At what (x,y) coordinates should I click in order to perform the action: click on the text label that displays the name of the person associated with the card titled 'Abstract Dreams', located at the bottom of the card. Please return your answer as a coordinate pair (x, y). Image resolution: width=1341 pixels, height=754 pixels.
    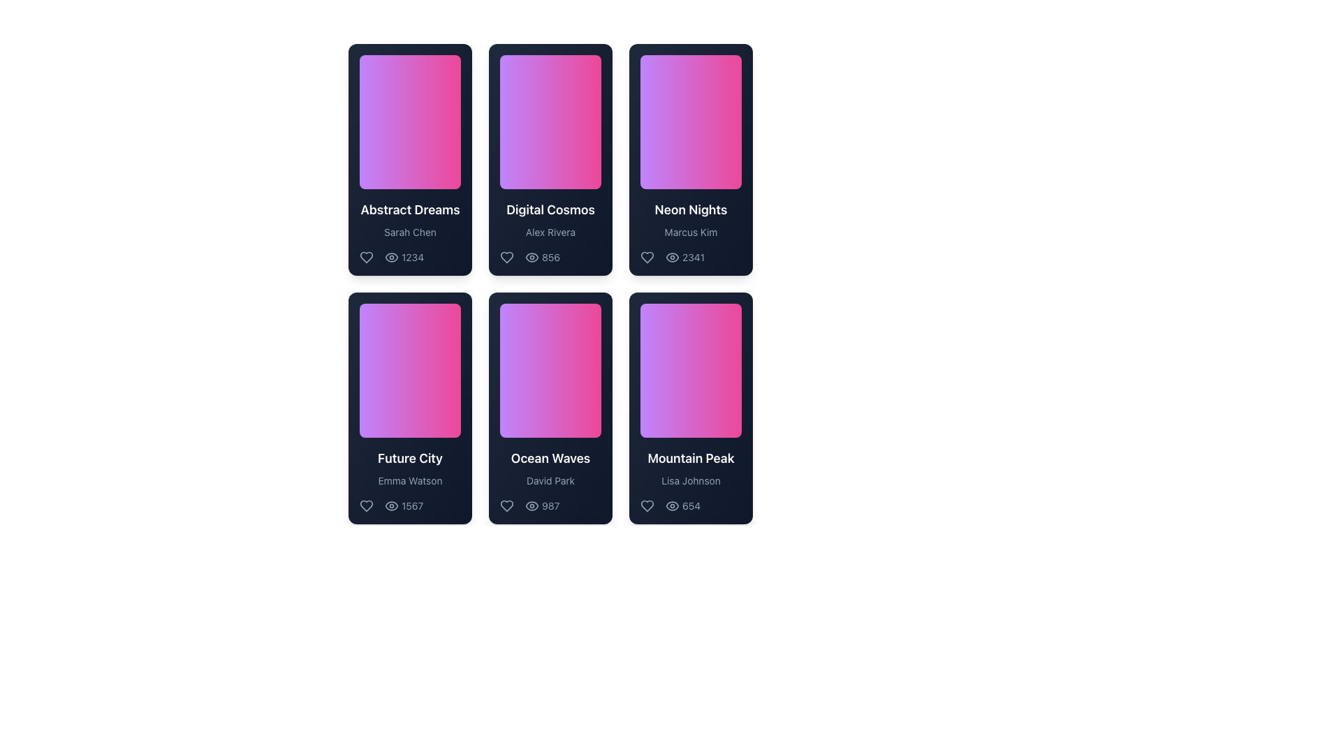
    Looking at the image, I should click on (409, 231).